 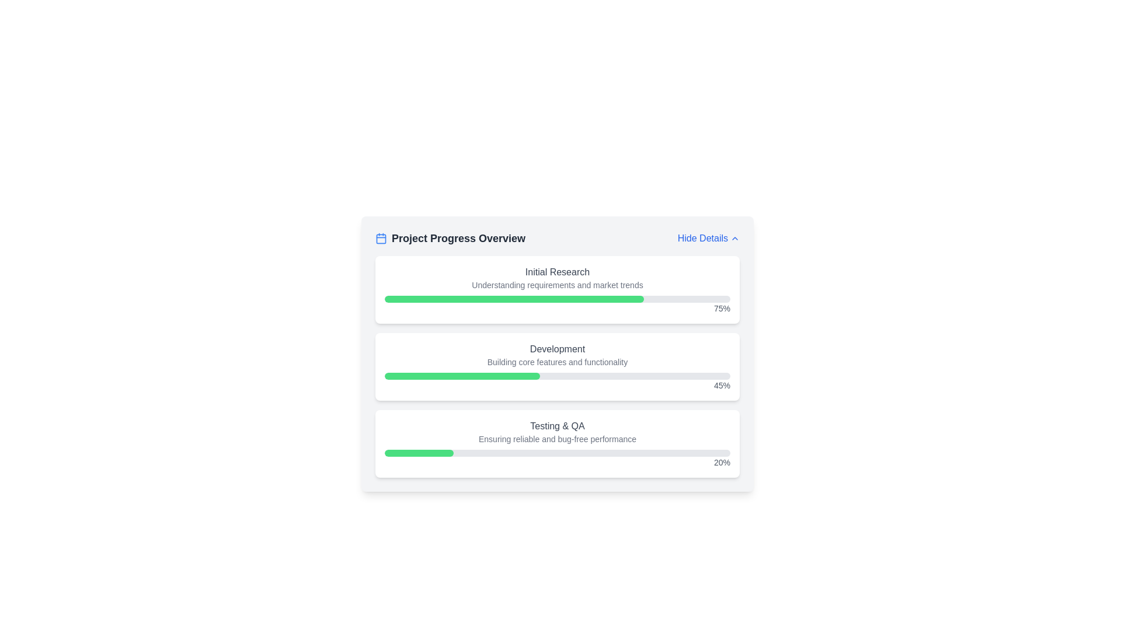 I want to click on the filled portion of the green progress bar located within the 'Initial Research' section of the 'Project Progress Overview' interface, so click(x=514, y=299).